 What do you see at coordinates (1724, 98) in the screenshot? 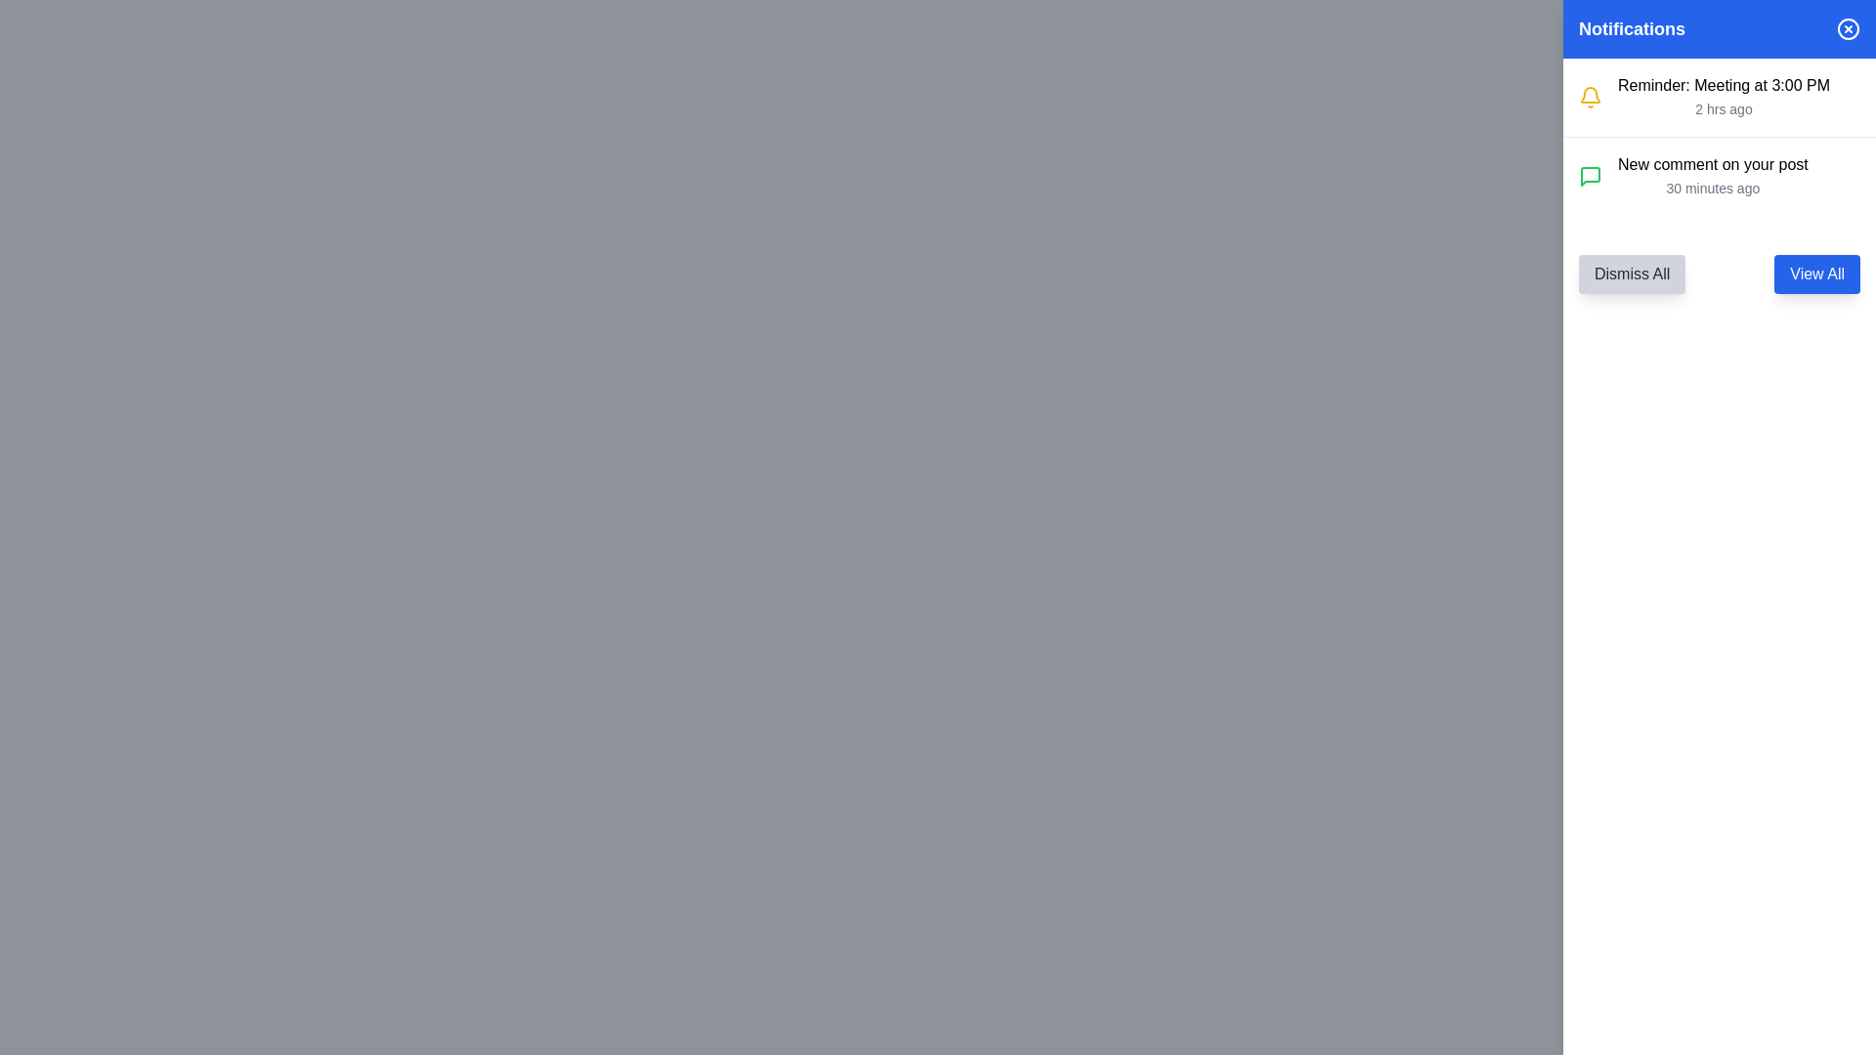
I see `notification text that reminds the user of a meeting scheduled for 3:00 PM, located in the right-side notification panel below the yellow bell icon` at bounding box center [1724, 98].